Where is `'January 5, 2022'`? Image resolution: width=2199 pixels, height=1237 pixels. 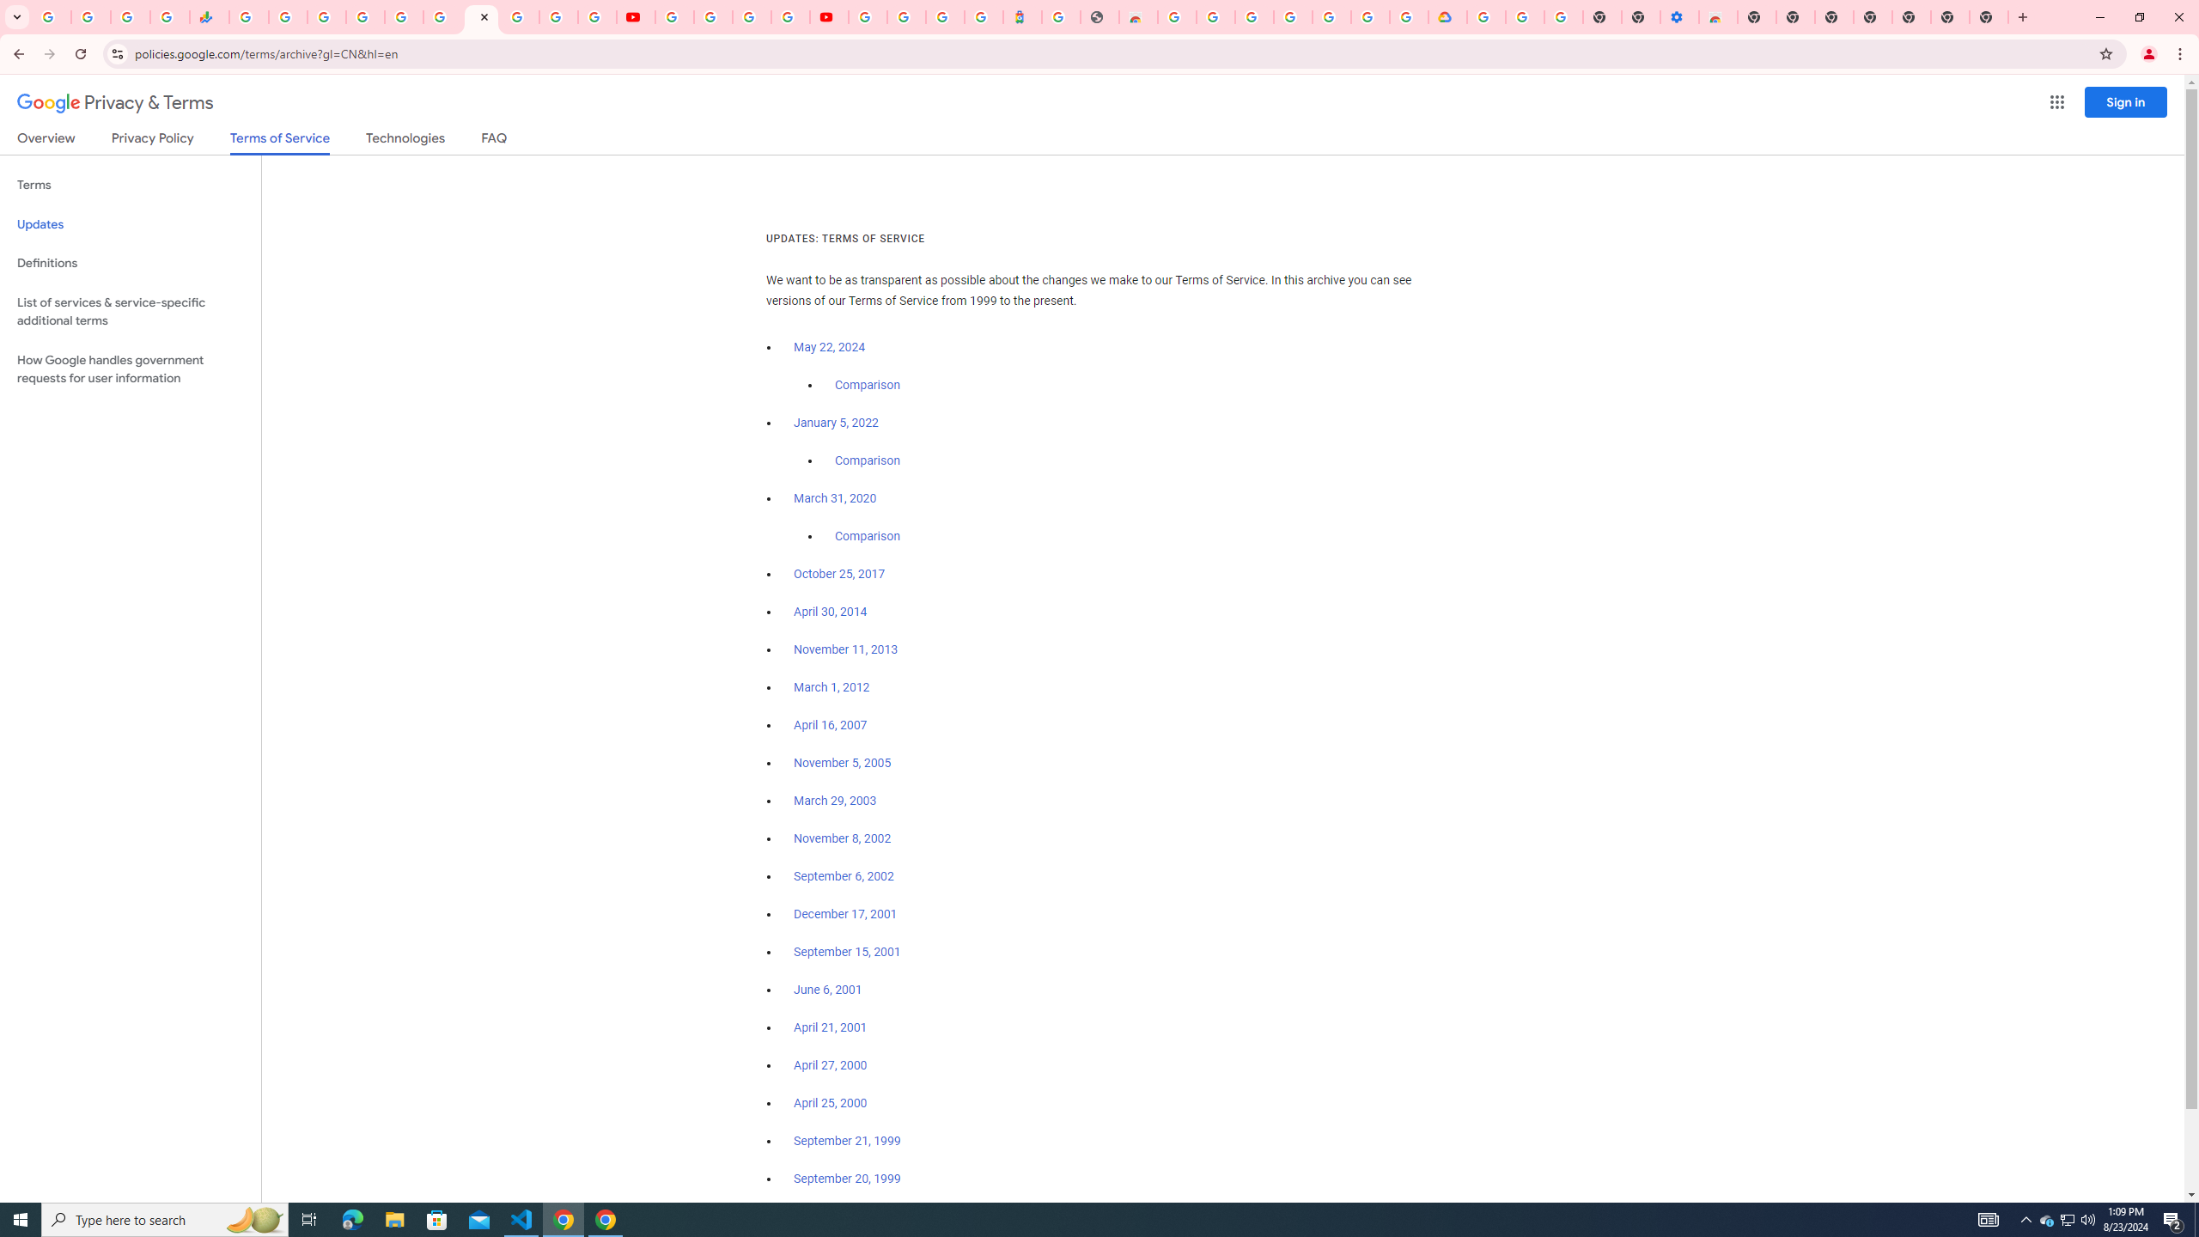
'January 5, 2022' is located at coordinates (837, 424).